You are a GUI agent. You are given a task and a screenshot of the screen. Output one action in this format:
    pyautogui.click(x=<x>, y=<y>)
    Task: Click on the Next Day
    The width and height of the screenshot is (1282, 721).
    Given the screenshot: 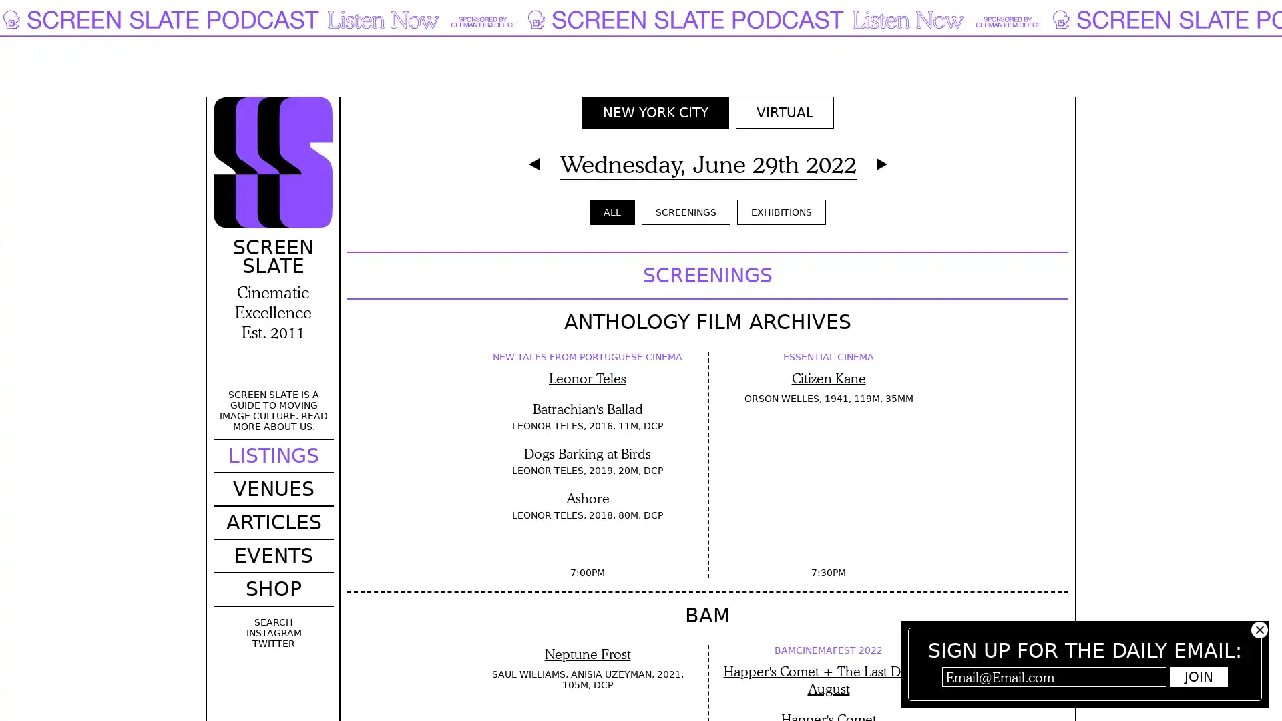 What is the action you would take?
    pyautogui.click(x=881, y=164)
    